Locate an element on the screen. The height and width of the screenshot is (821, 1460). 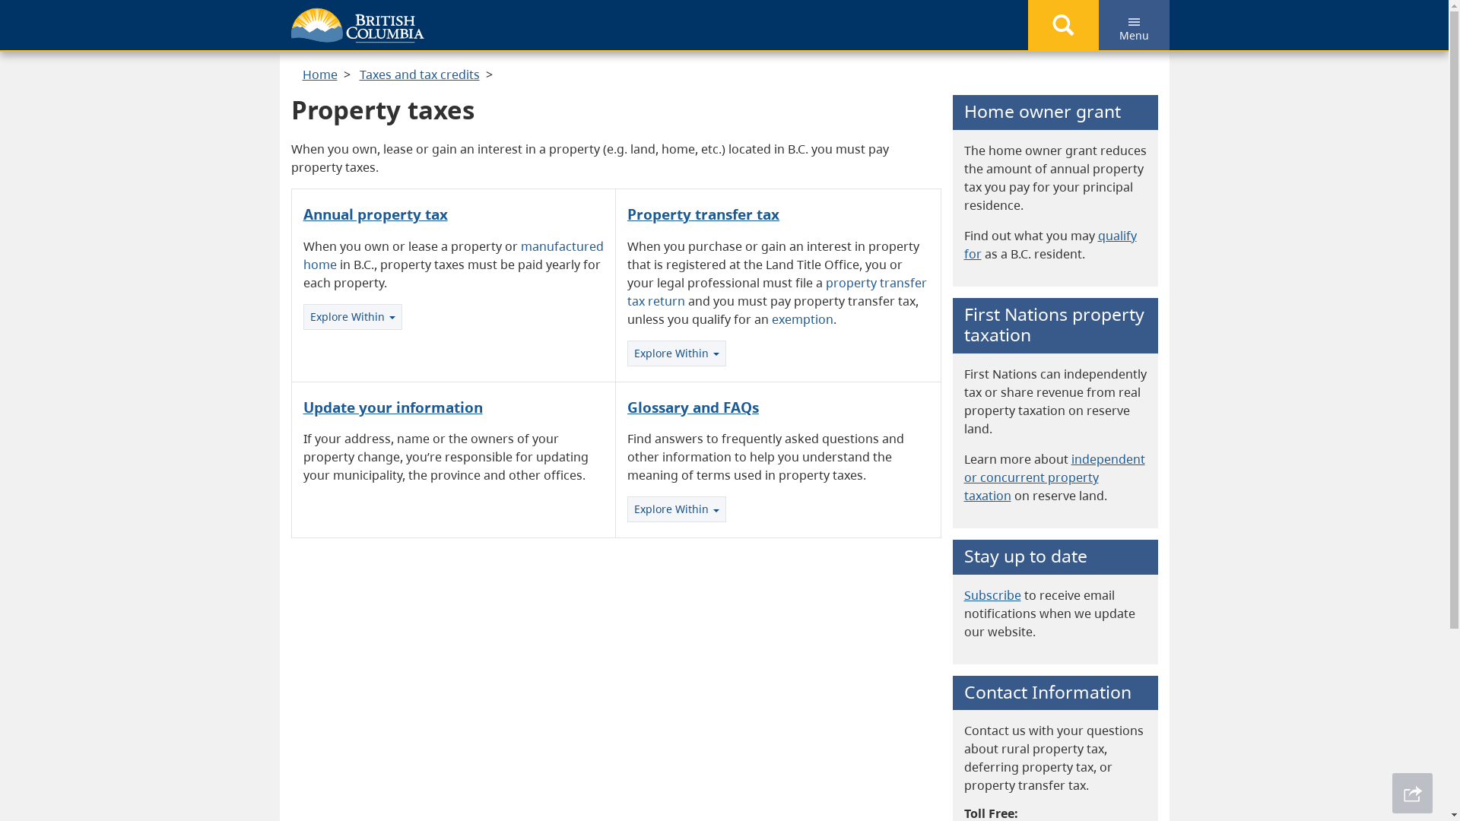
'Taxes and tax credits' is located at coordinates (357, 74).